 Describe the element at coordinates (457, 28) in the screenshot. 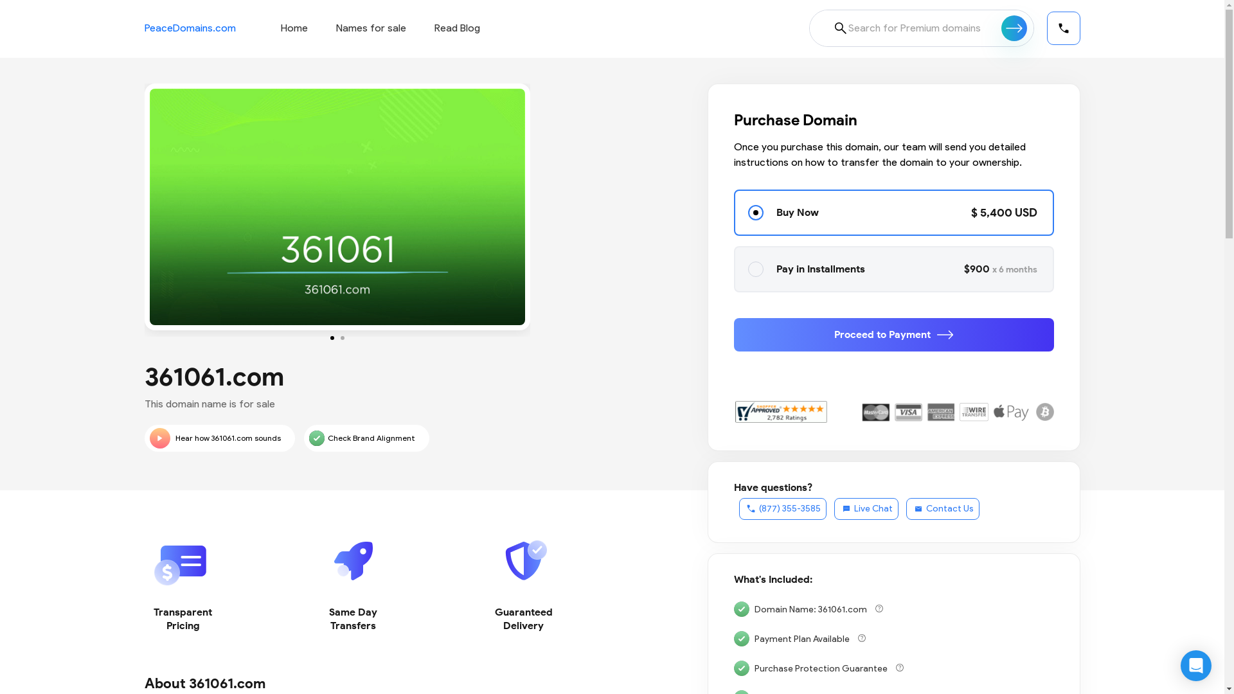

I see `'Read Blog'` at that location.